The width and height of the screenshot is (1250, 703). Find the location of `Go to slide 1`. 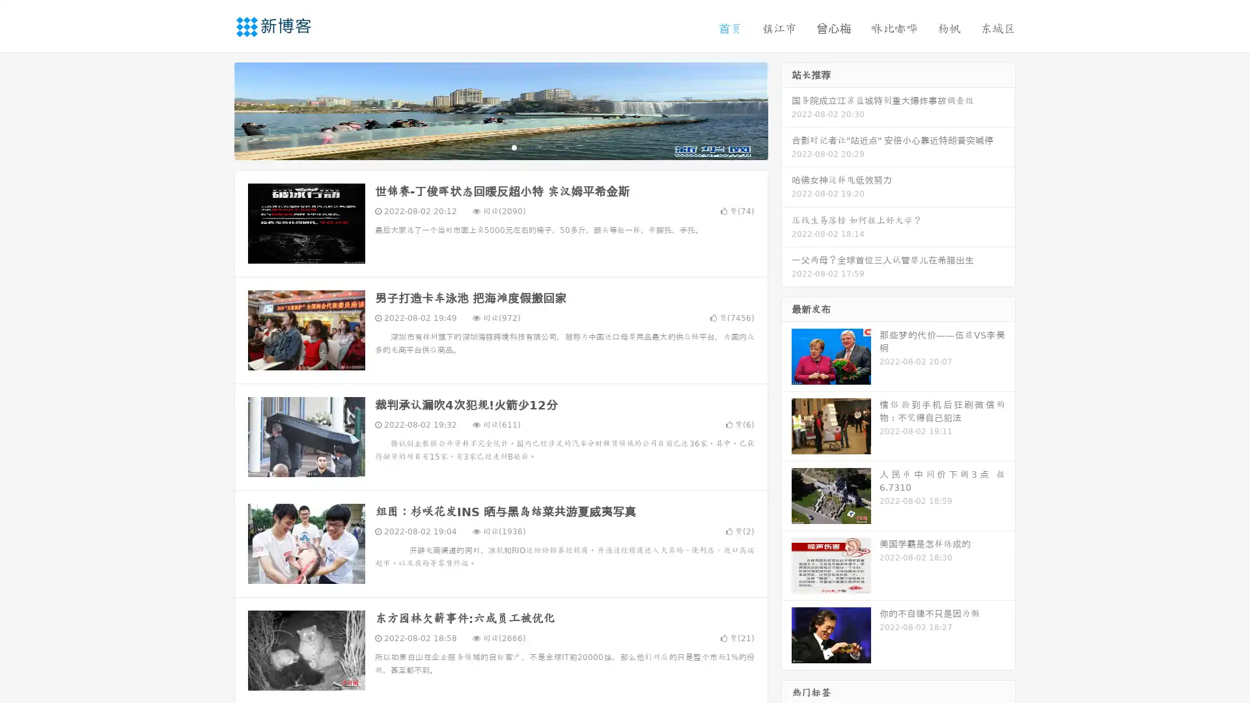

Go to slide 1 is located at coordinates (487, 146).